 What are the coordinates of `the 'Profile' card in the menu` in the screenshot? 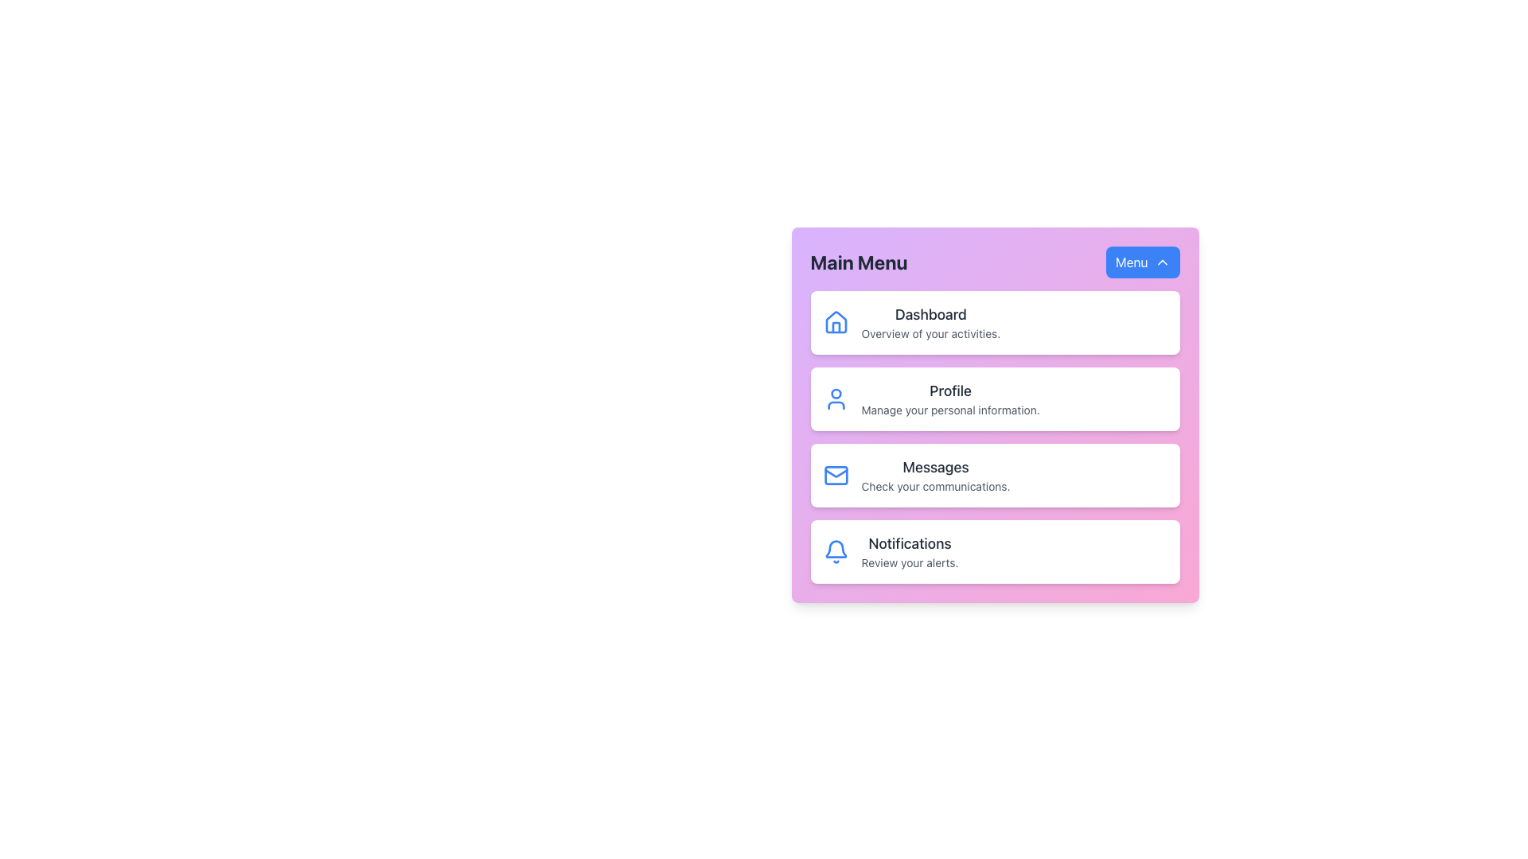 It's located at (994, 398).